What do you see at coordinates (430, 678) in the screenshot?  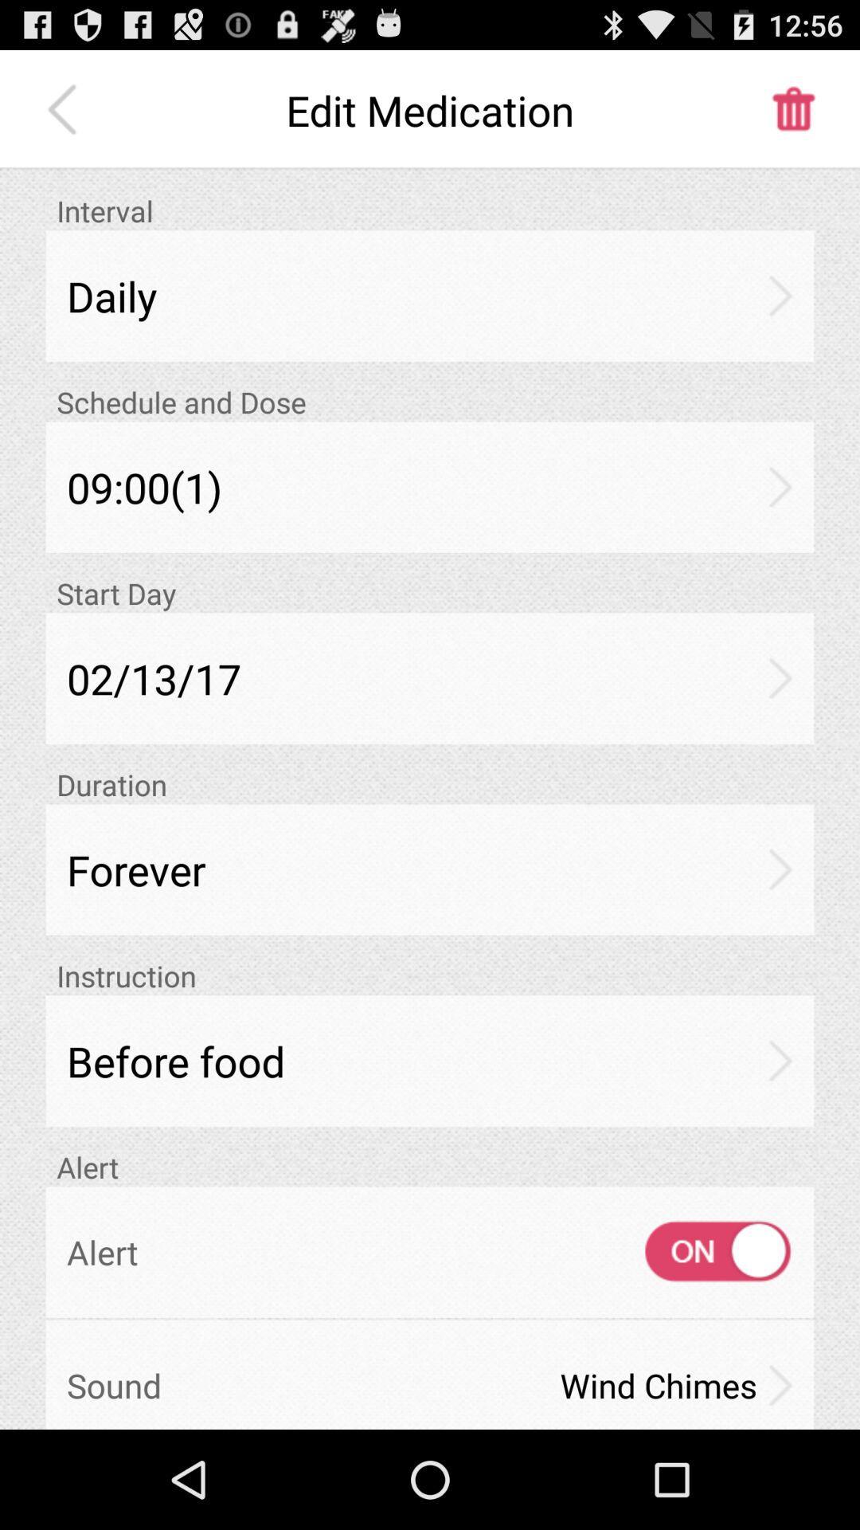 I see `02/13/17 app` at bounding box center [430, 678].